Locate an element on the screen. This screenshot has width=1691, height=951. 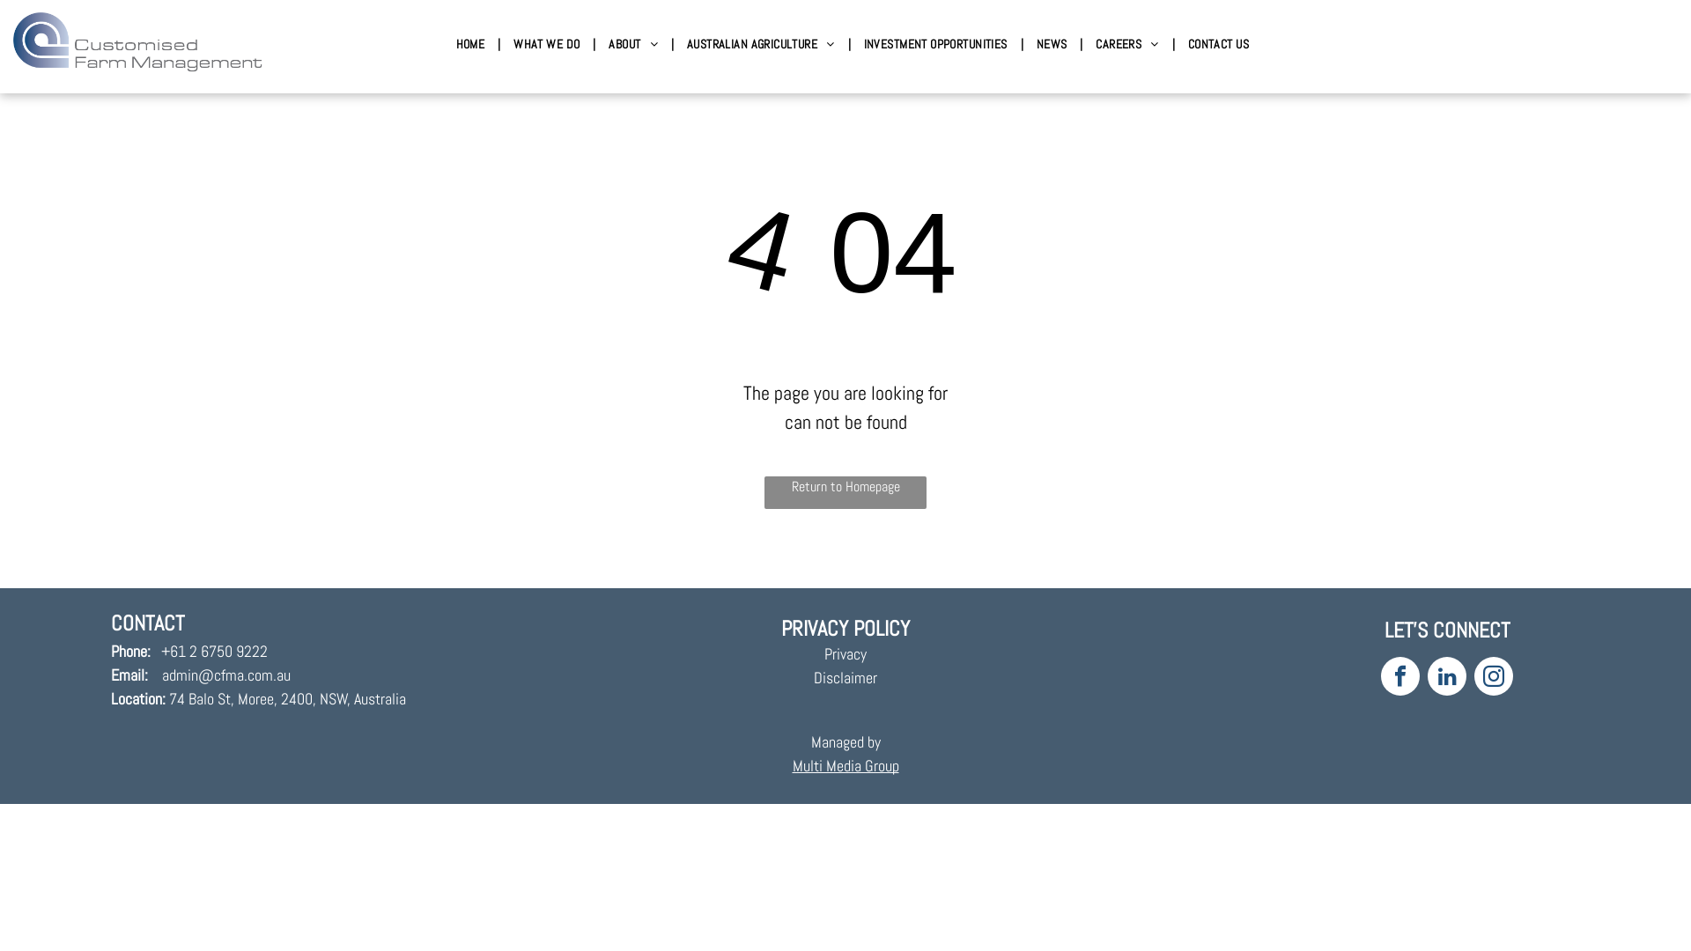
'ABOUT' is located at coordinates (633, 44).